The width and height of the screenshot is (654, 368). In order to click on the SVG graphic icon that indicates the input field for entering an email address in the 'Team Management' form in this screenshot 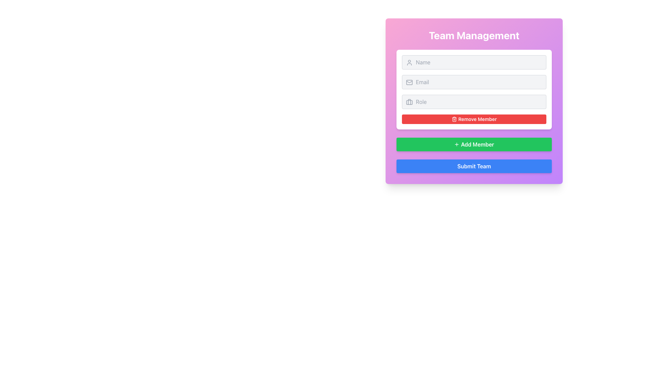, I will do `click(409, 82)`.